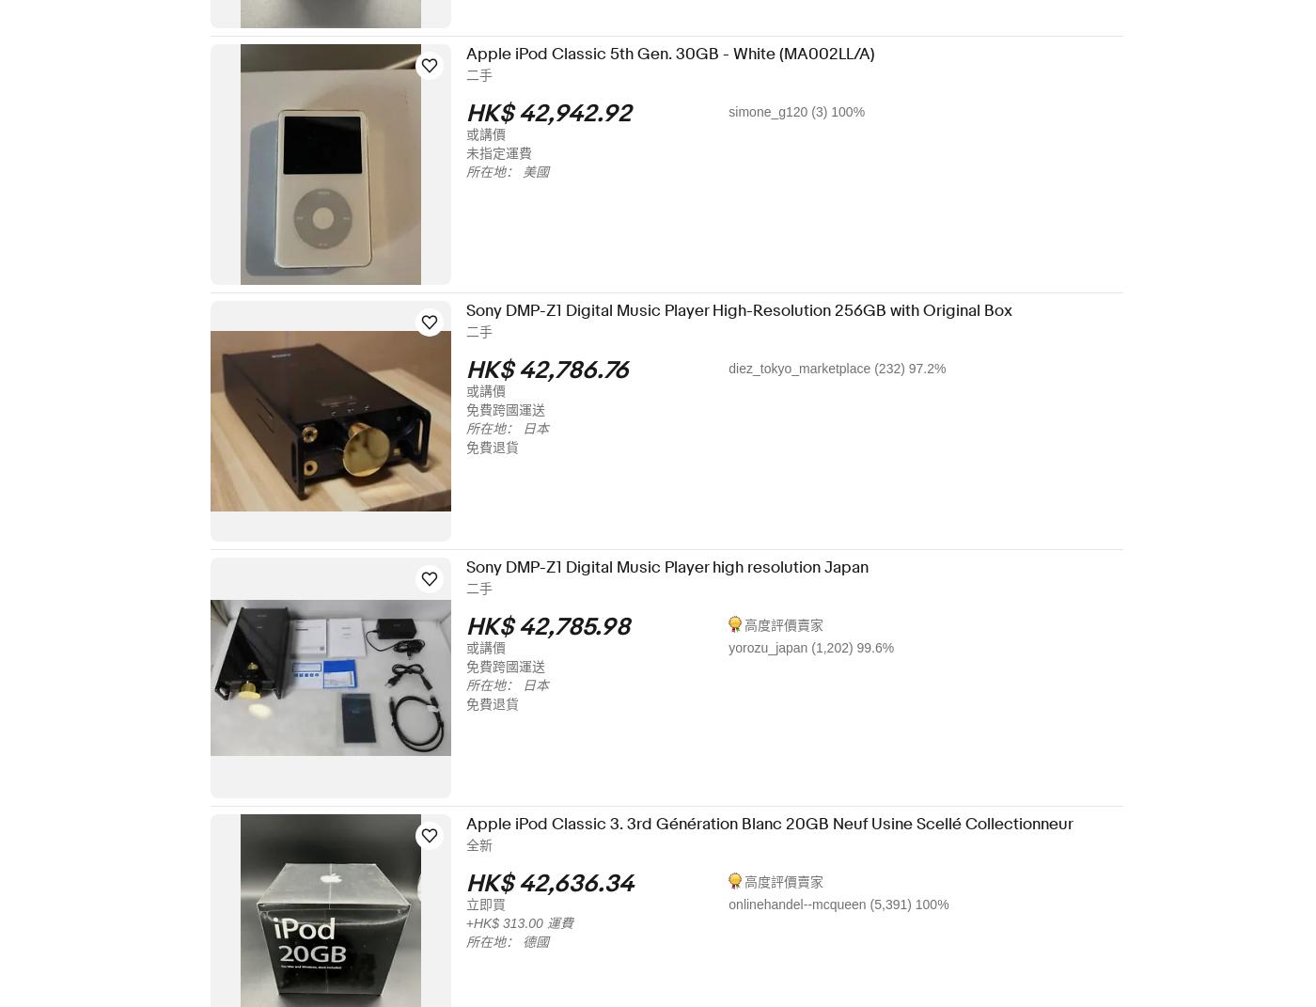  I want to click on 'HK$ 42,636.34', so click(561, 883).